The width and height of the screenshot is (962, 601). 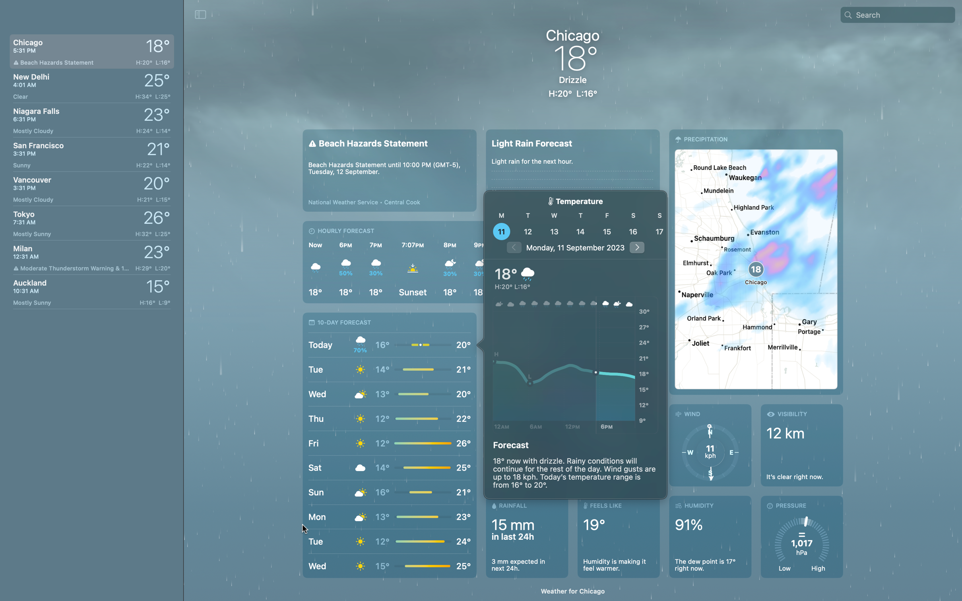 I want to click on View the map view, so click(x=755, y=261).